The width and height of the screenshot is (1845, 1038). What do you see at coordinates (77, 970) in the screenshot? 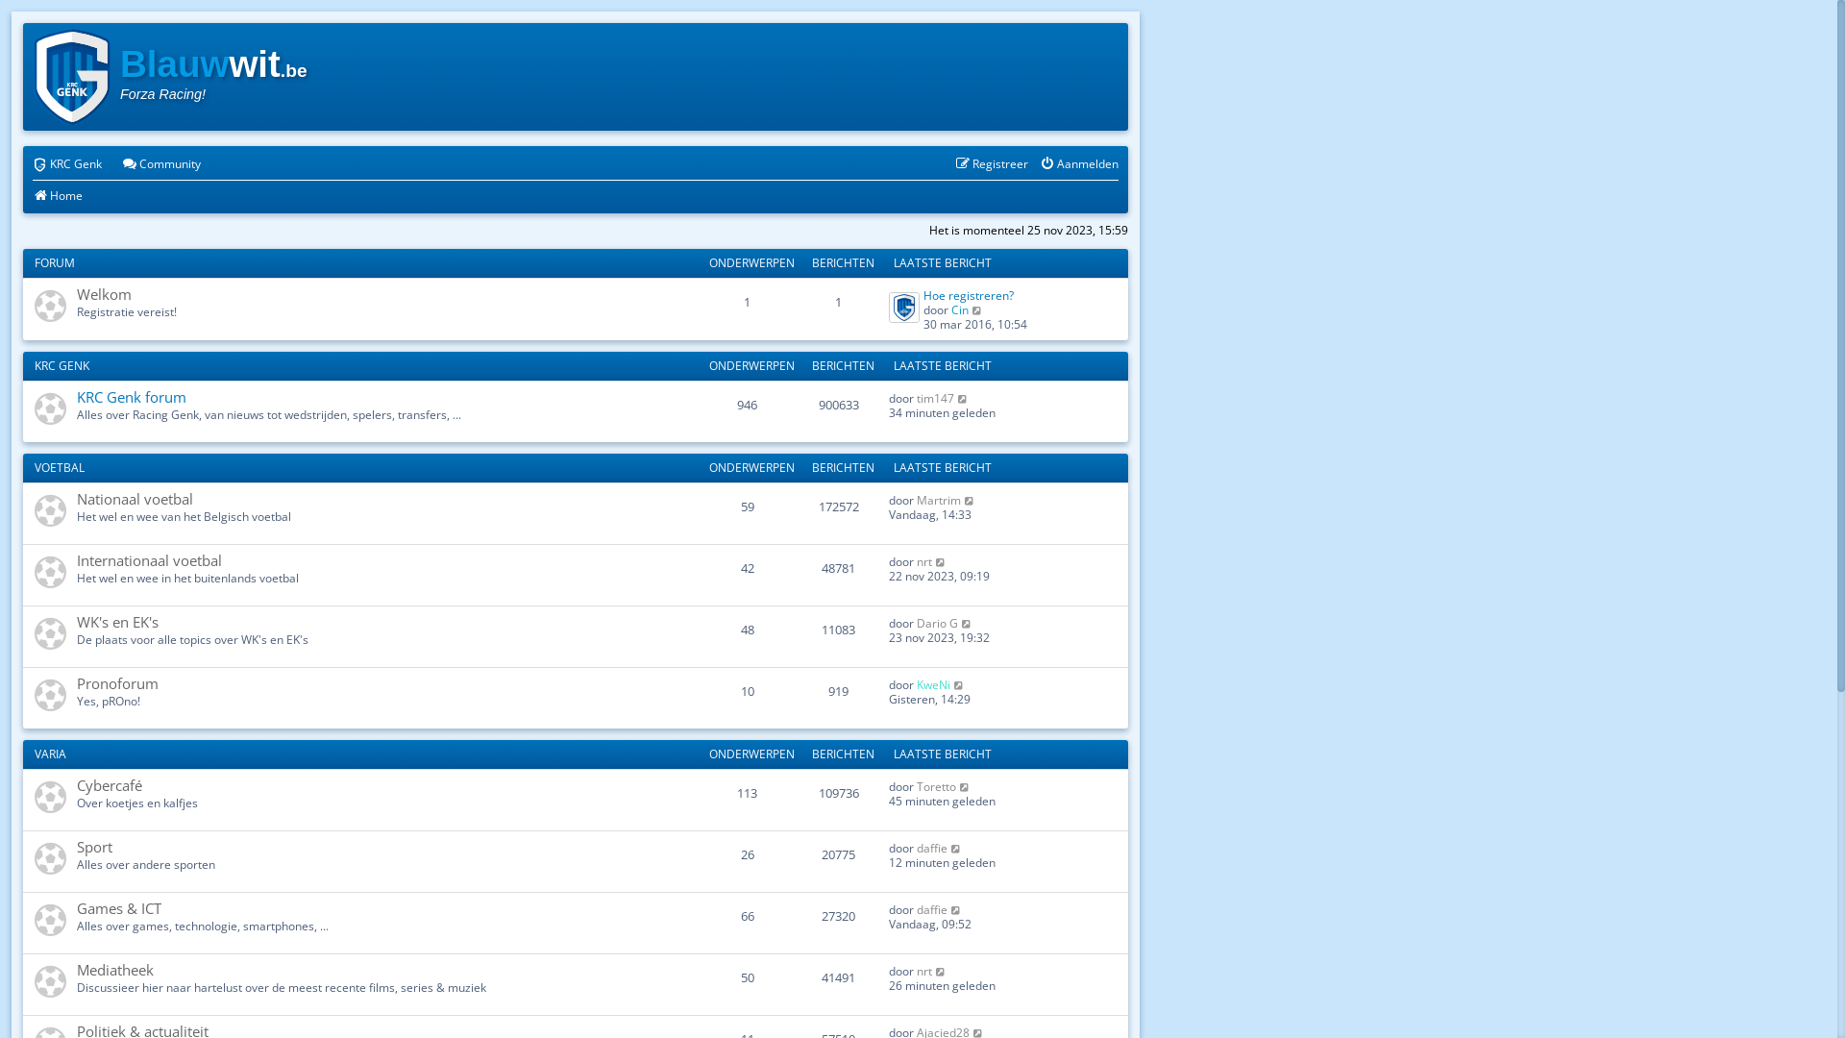
I see `'Mediatheek'` at bounding box center [77, 970].